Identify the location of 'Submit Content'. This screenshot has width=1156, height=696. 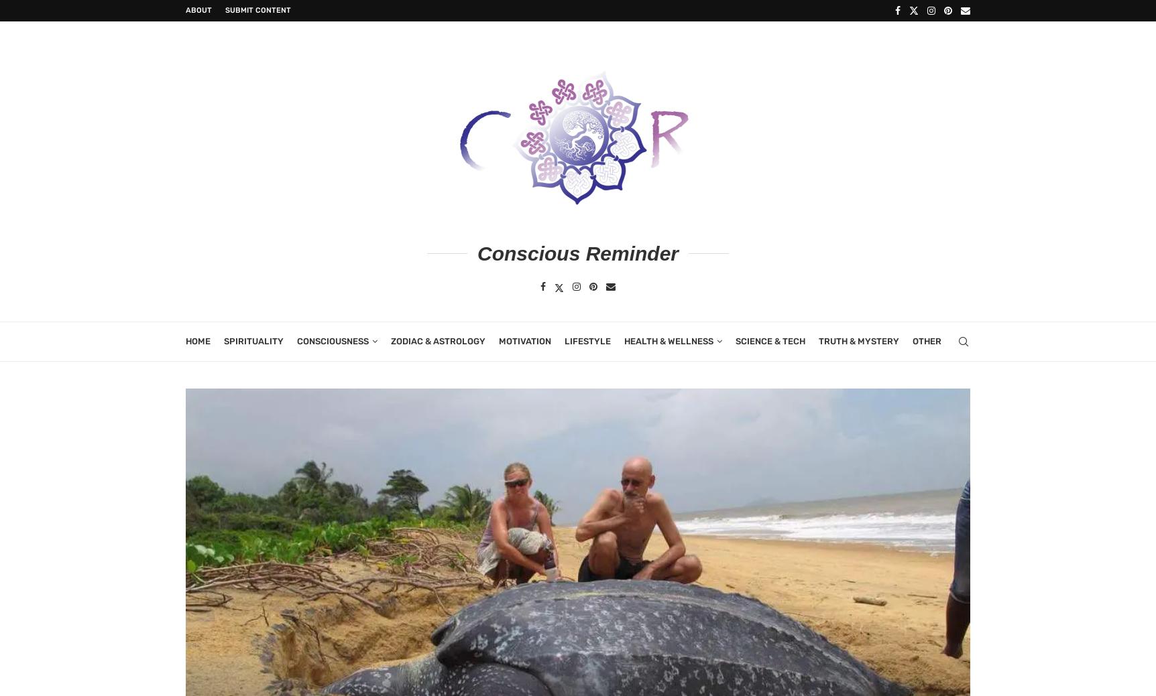
(225, 9).